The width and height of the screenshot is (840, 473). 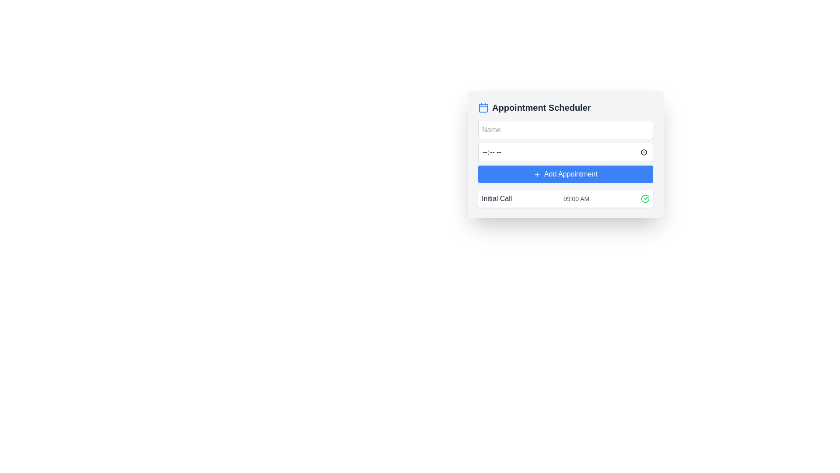 I want to click on a time from the dropdown list of the Time input field located under the 'Name' text input and above the 'Add Appointment' button, so click(x=565, y=152).